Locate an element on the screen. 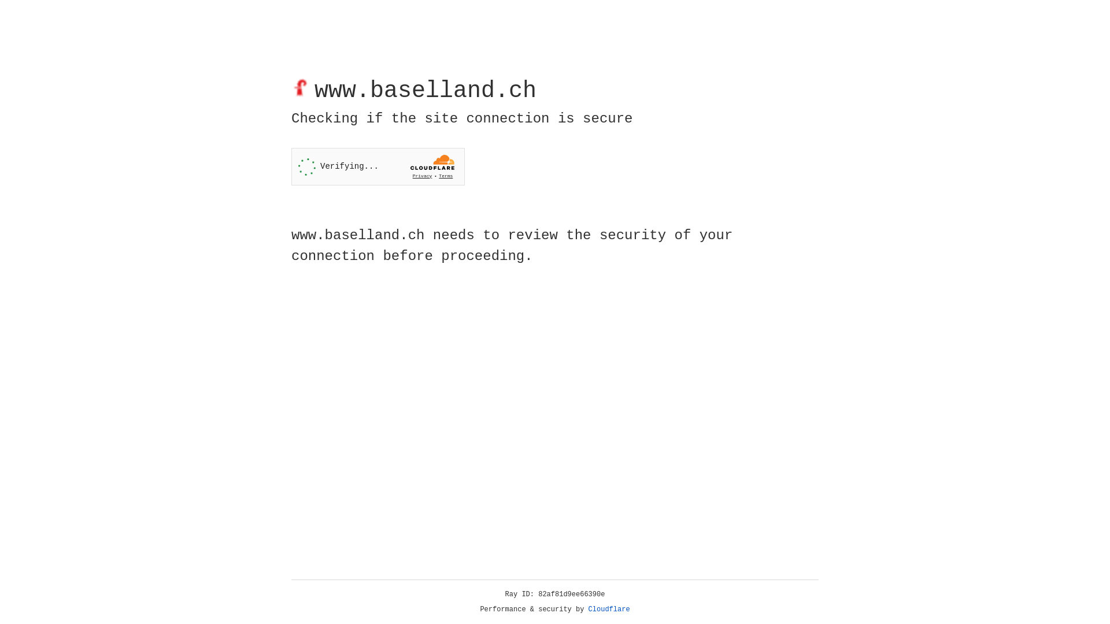  'Widget containing a Cloudflare security challenge' is located at coordinates (378, 166).